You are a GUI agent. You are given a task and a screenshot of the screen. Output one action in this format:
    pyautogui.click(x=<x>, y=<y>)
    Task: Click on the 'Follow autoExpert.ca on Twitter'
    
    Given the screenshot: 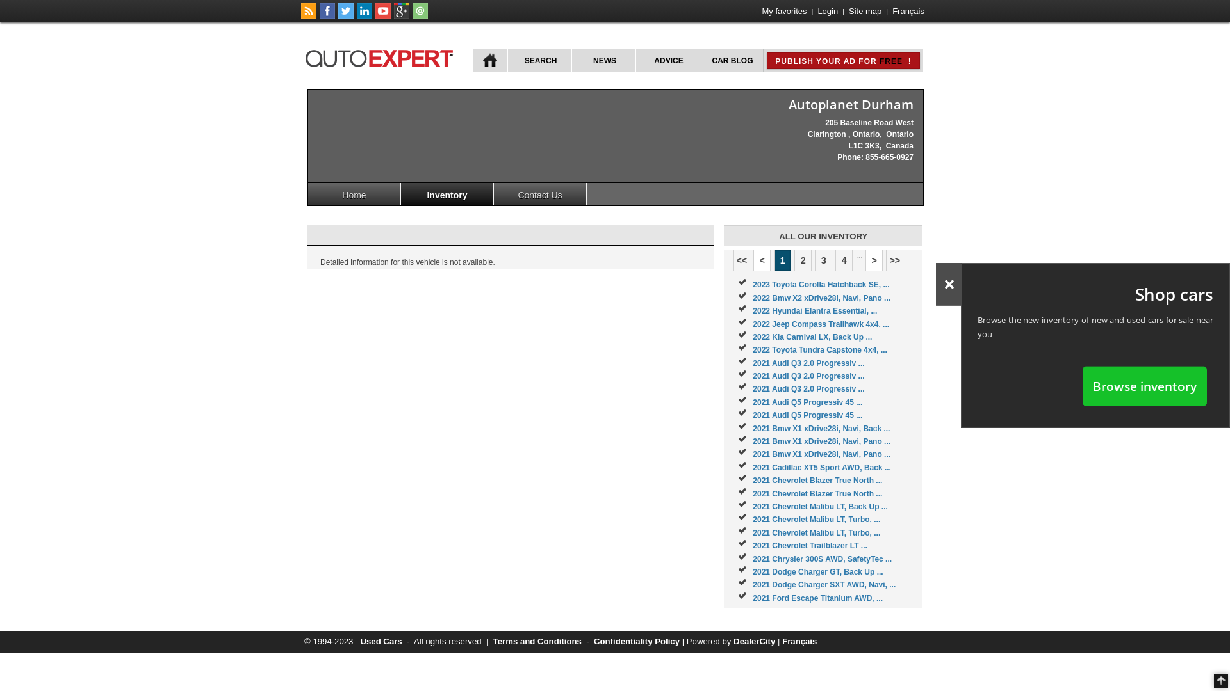 What is the action you would take?
    pyautogui.click(x=338, y=15)
    